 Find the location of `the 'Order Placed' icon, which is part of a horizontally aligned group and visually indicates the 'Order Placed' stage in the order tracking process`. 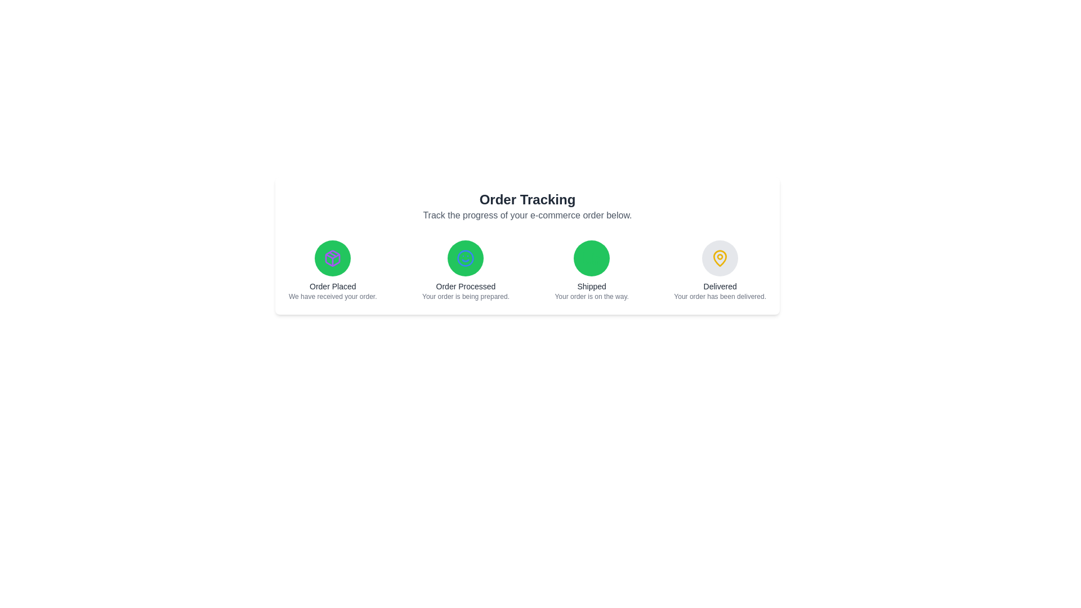

the 'Order Placed' icon, which is part of a horizontally aligned group and visually indicates the 'Order Placed' stage in the order tracking process is located at coordinates (332, 258).